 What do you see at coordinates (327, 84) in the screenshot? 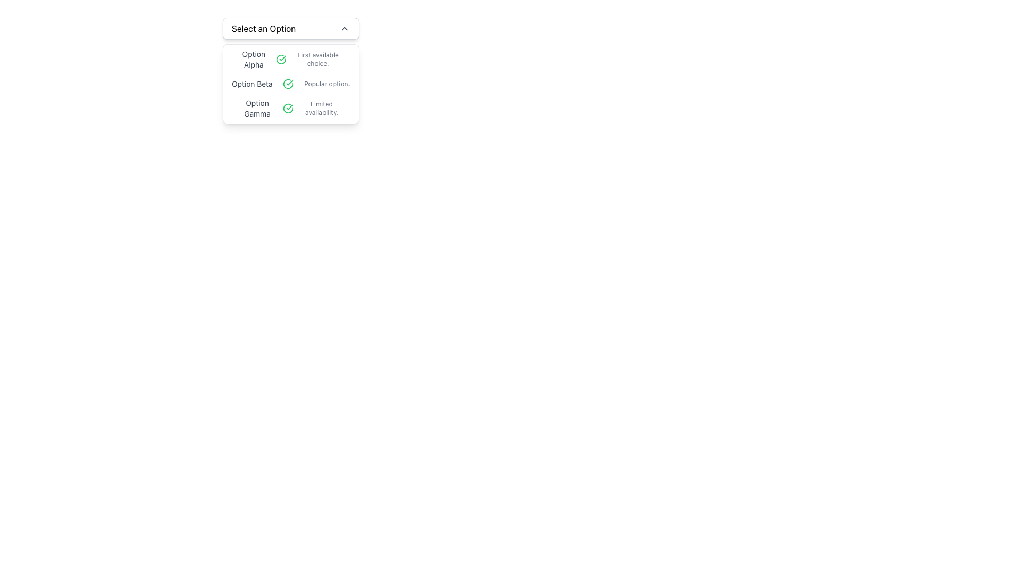
I see `the 'Popular option.' text label, which is a small gray font label located to the right of 'Option Beta' within its dropdown group` at bounding box center [327, 84].